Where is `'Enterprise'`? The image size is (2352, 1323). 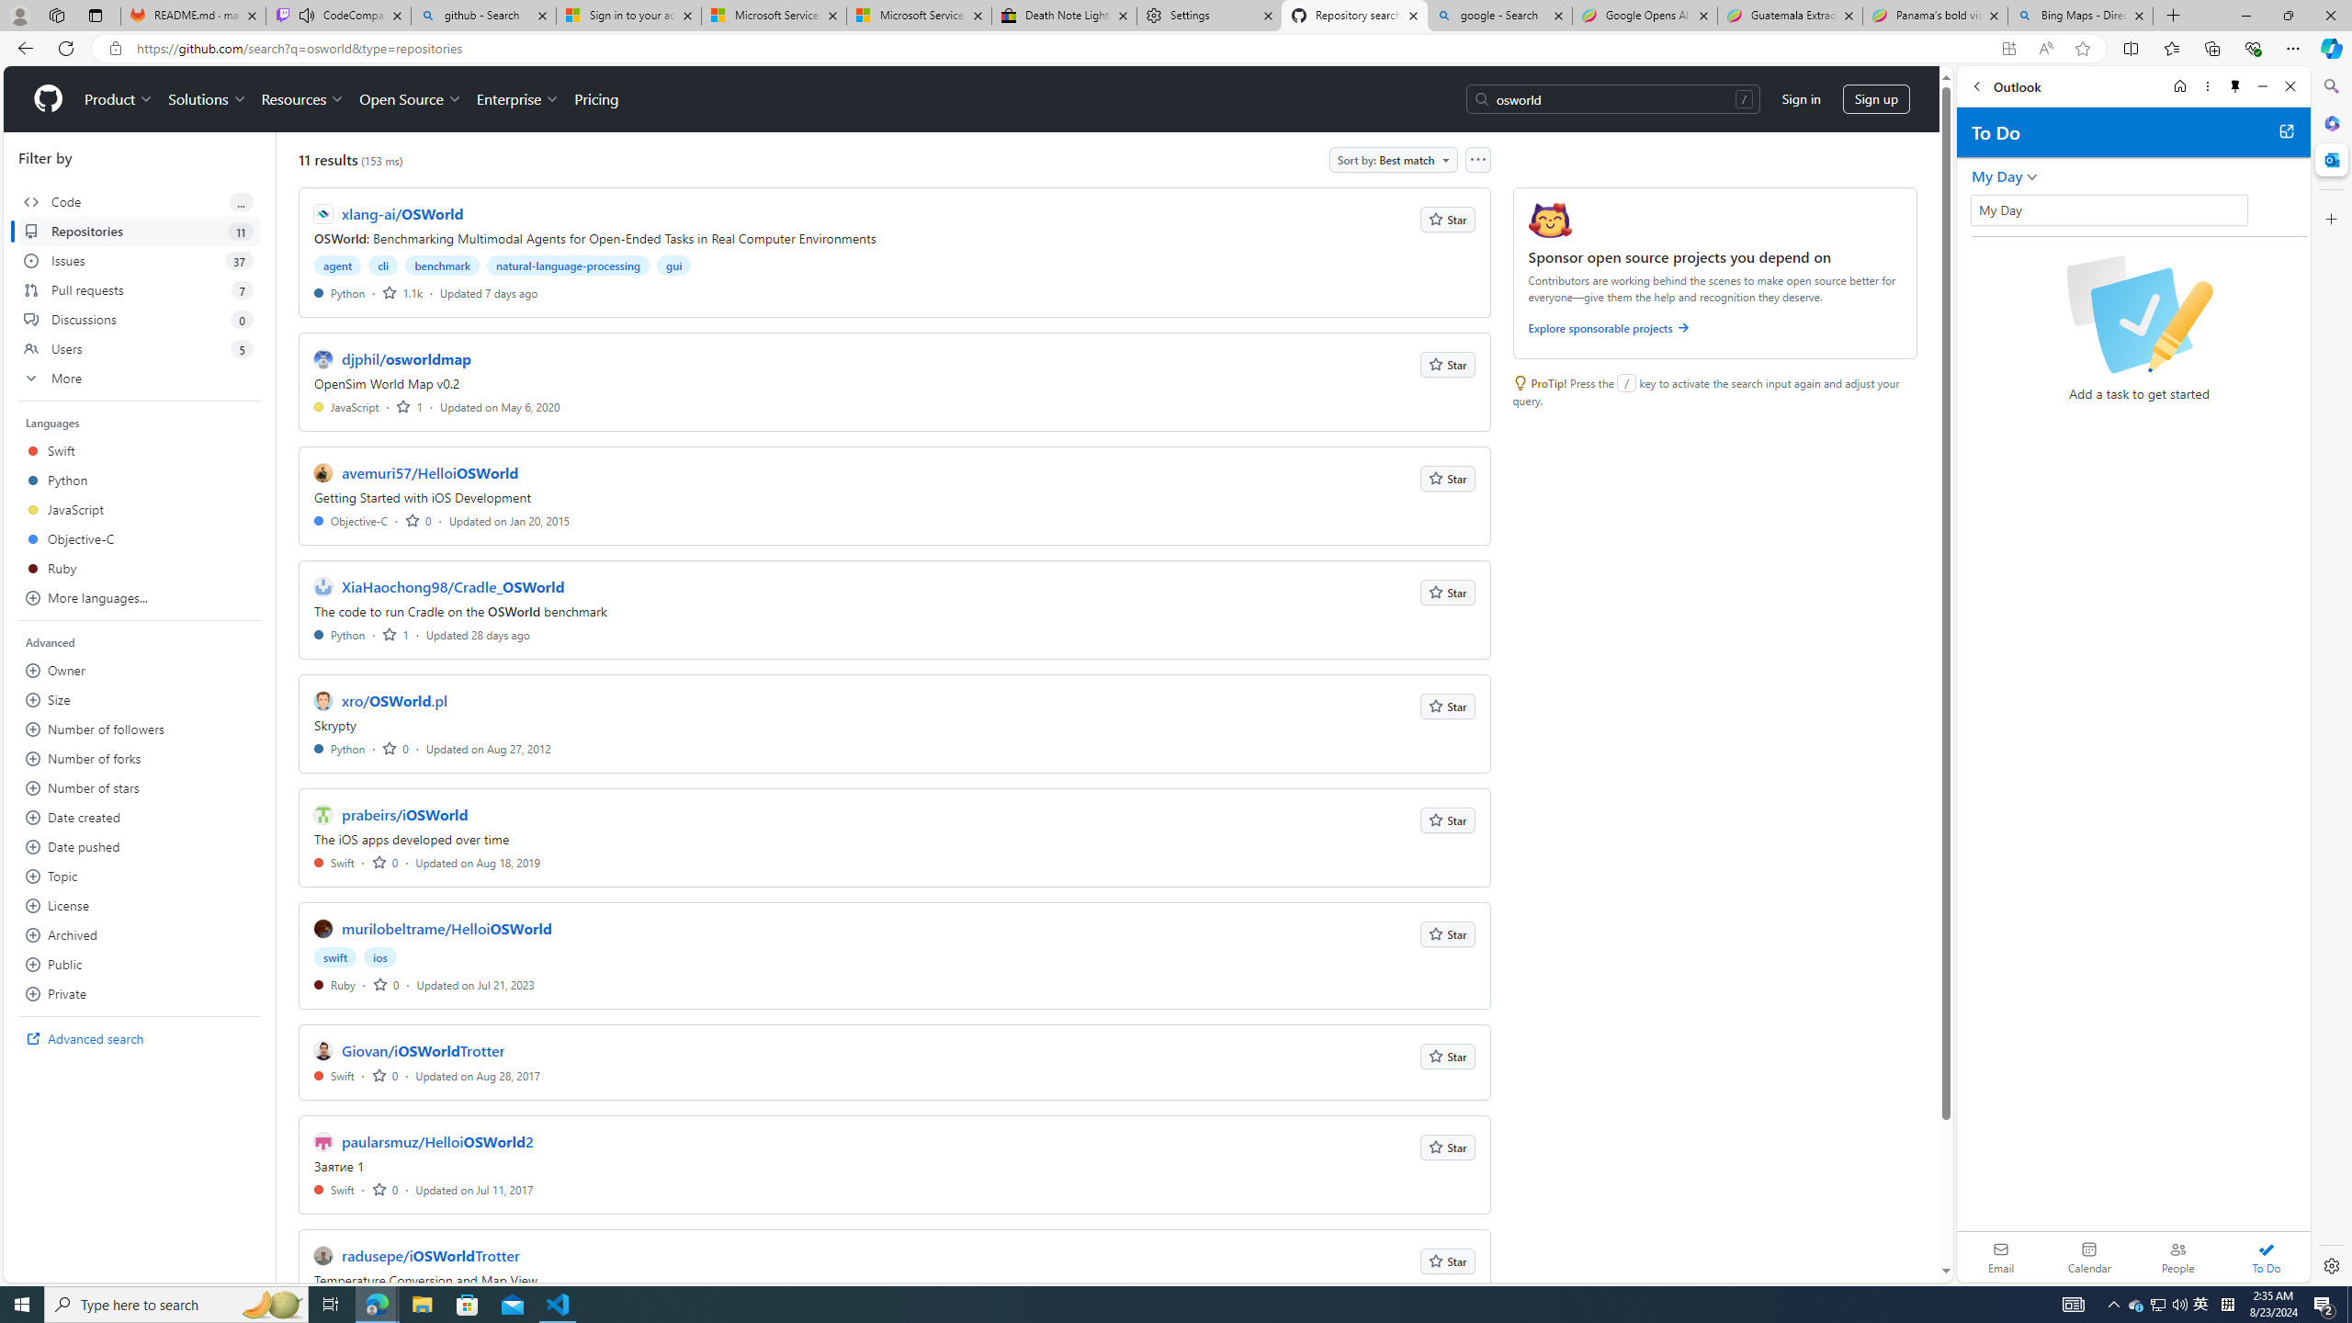
'Enterprise' is located at coordinates (516, 98).